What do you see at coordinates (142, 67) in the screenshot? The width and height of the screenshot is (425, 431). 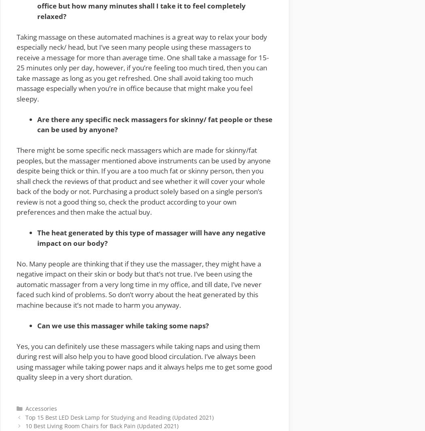 I see `'Taking massage on these automated machines is a great way to relax your body especially neck/ head, but I’ve seen many people using these massagers to receive a message for more than average time. One shall take a massage for 15-25 minutes only per day, however, if you’re feeling too much tired, then you can take massage as long as you get refreshed. One shall avoid taking too much massage especially when you’re in office because that might make you feel sleepy.'` at bounding box center [142, 67].